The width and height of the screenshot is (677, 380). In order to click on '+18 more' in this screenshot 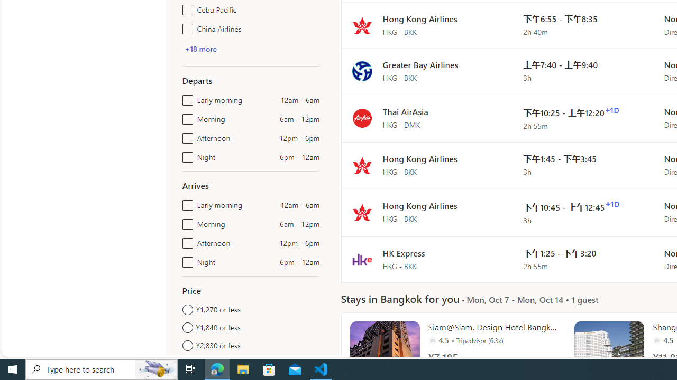, I will do `click(200, 49)`.